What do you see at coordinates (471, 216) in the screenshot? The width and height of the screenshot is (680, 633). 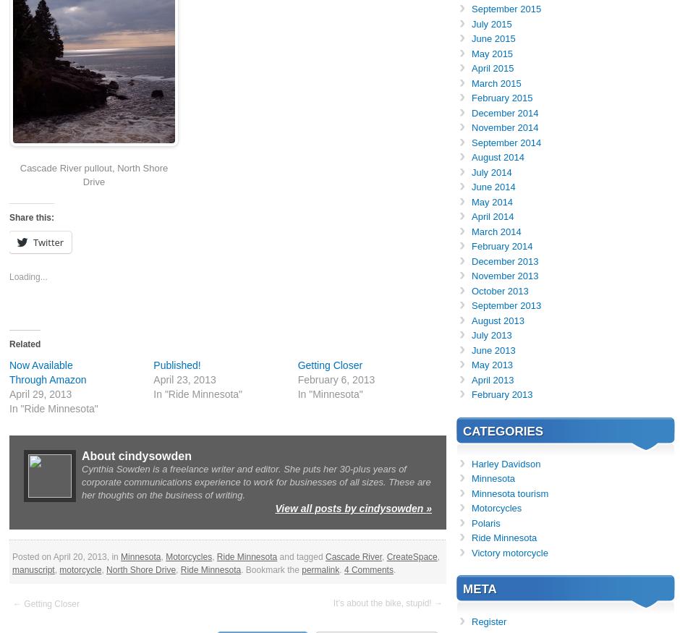 I see `'April 2014'` at bounding box center [471, 216].